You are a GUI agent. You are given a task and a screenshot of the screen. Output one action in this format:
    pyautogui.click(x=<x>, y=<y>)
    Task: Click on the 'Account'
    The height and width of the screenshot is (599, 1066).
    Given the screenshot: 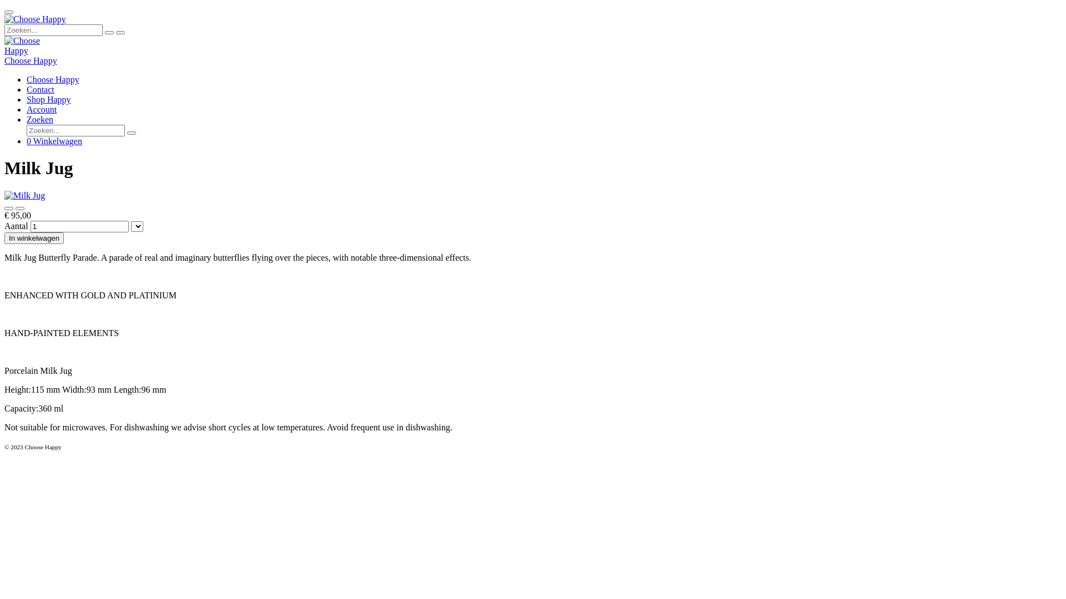 What is the action you would take?
    pyautogui.click(x=42, y=109)
    